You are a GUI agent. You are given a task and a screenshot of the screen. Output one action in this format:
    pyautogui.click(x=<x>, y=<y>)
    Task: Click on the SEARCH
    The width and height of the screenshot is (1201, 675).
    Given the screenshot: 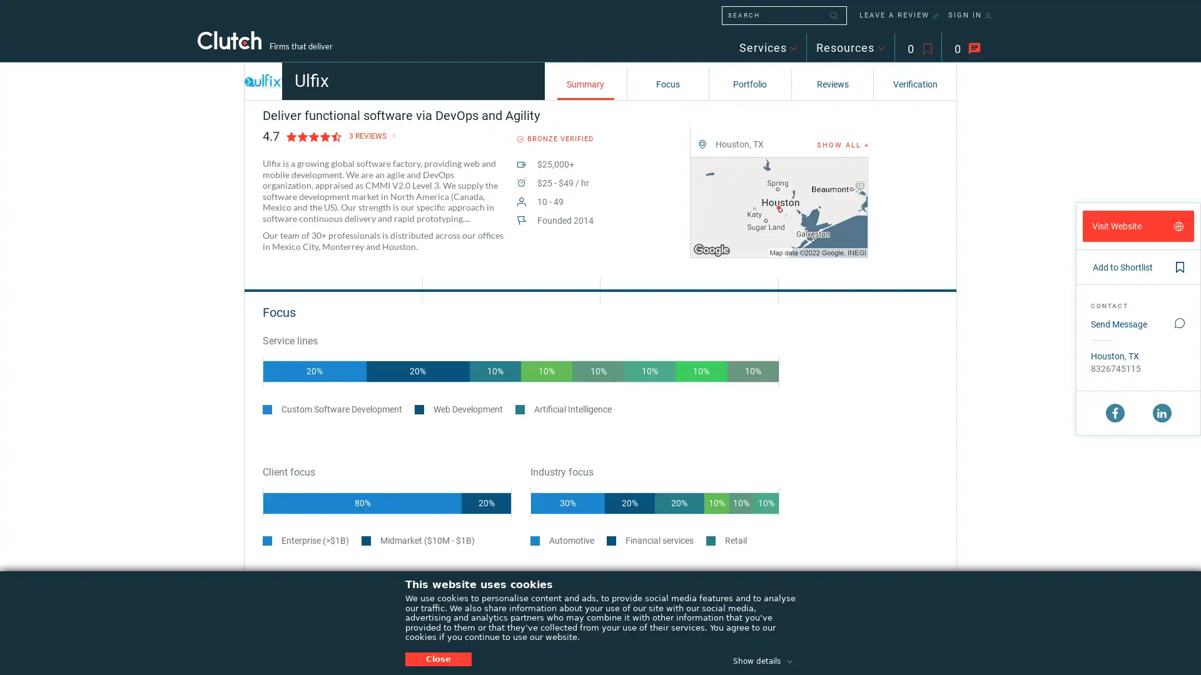 What is the action you would take?
    pyautogui.click(x=783, y=15)
    